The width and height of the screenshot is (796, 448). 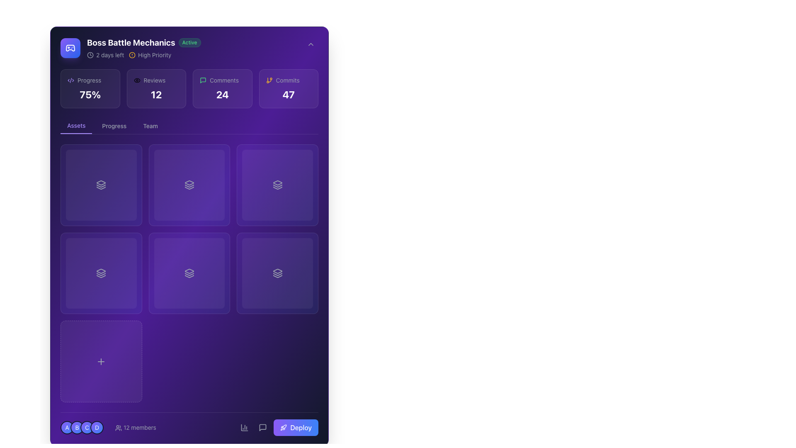 What do you see at coordinates (90, 55) in the screenshot?
I see `the time-sensitive status icon located to the left of the '2 days left' text in the 'Boss Battle Mechanics' section` at bounding box center [90, 55].